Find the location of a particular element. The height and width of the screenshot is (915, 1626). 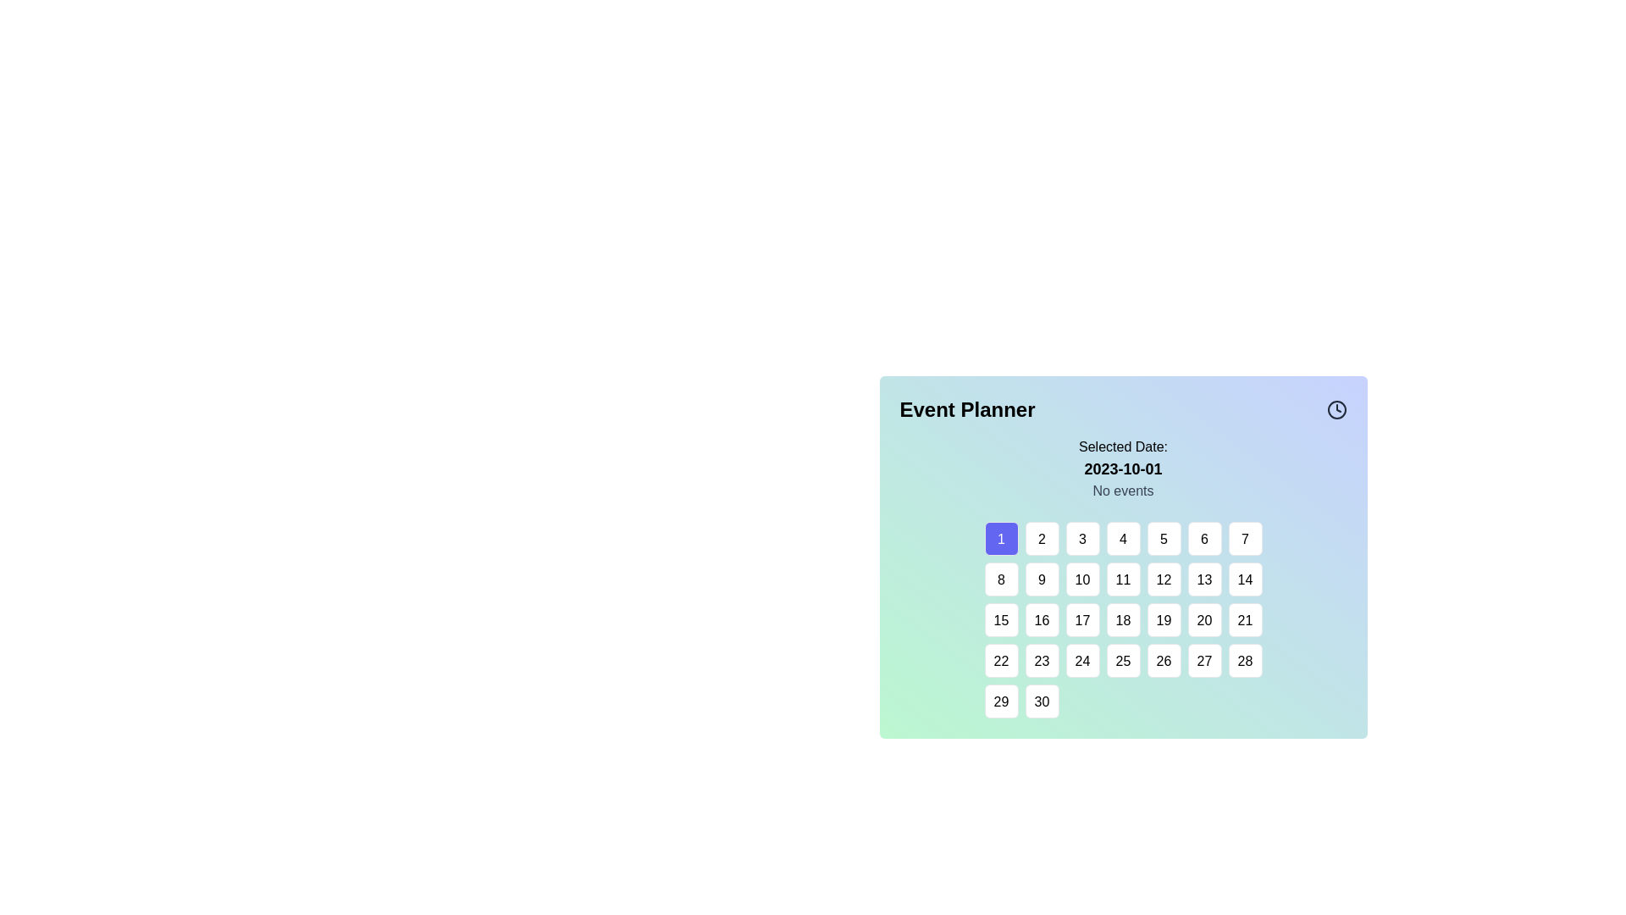

the square button with a white background and black text displaying '11' is located at coordinates (1123, 578).